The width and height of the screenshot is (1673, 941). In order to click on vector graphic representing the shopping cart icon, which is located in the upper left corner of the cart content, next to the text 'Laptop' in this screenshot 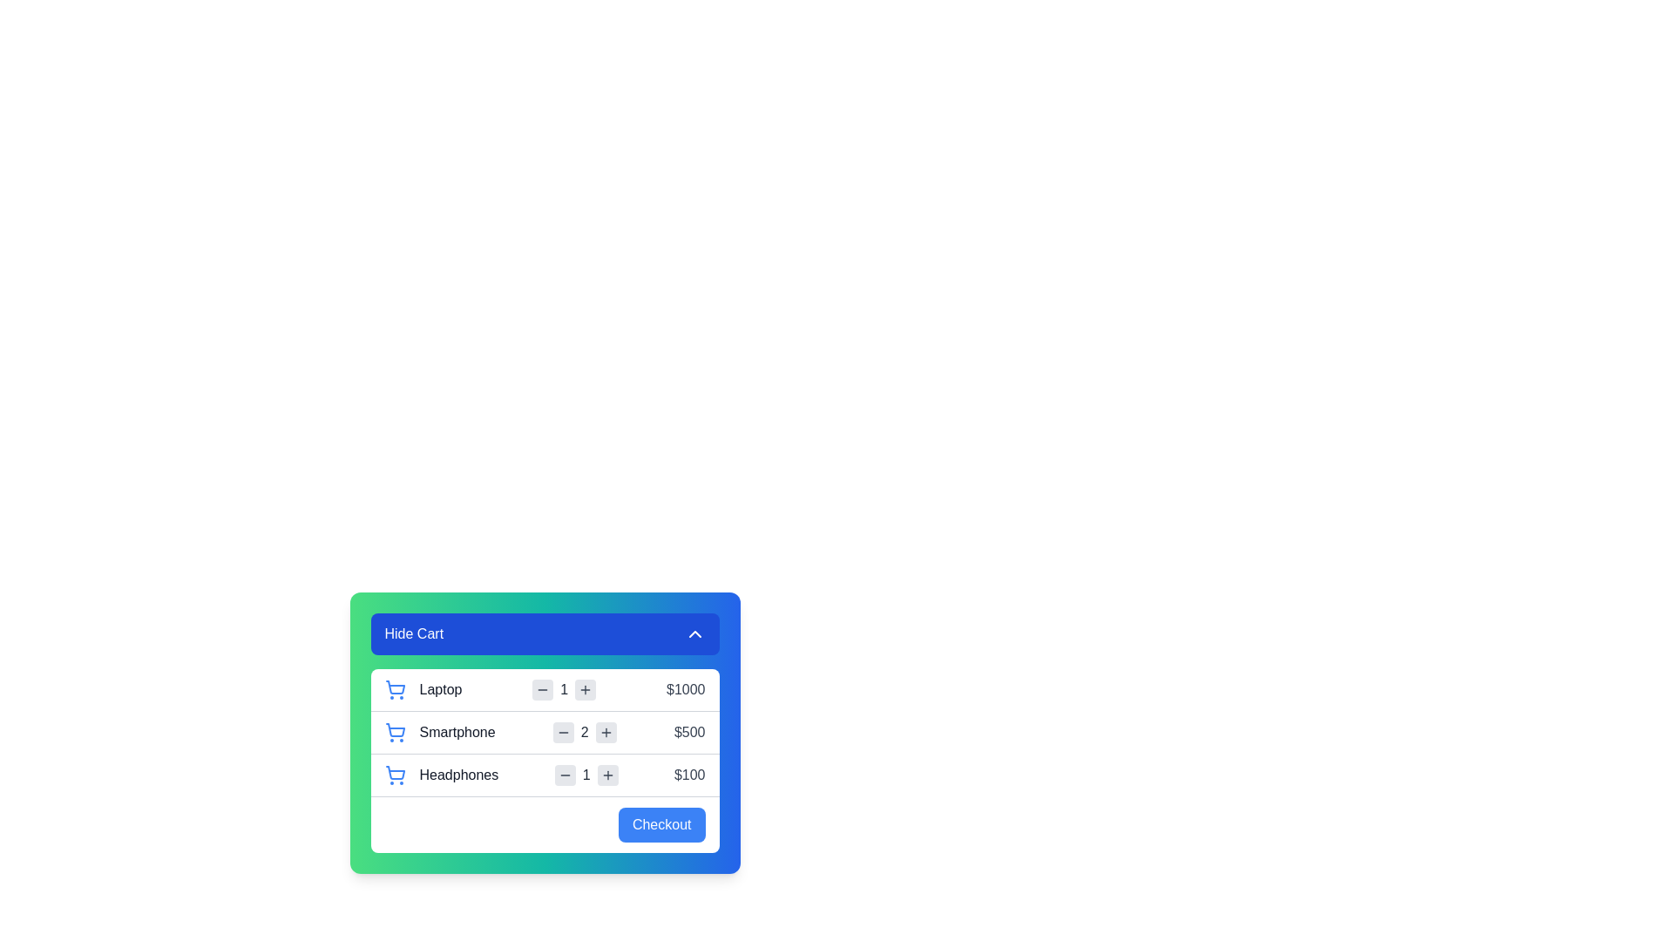, I will do `click(394, 687)`.